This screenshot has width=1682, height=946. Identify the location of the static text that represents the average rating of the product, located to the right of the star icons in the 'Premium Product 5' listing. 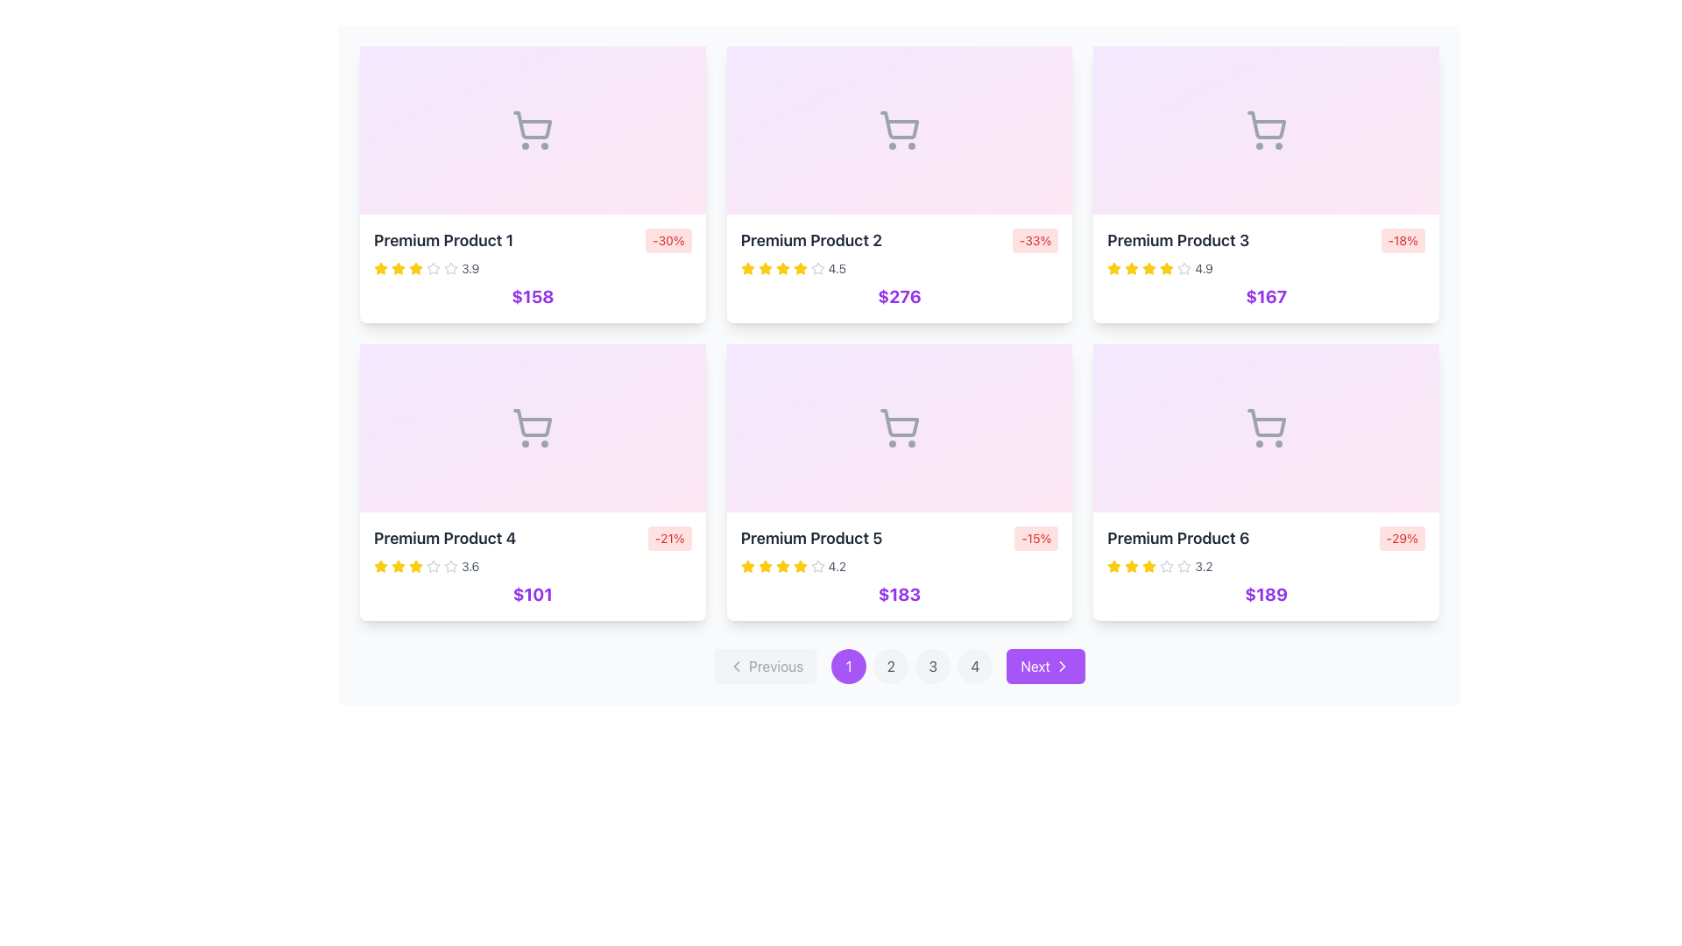
(836, 567).